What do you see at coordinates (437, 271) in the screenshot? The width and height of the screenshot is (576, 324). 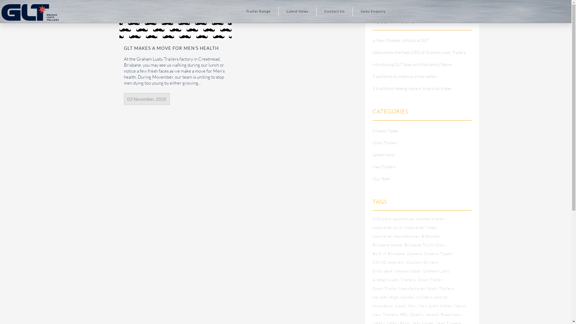 I see `'Graham Lusty'` at bounding box center [437, 271].